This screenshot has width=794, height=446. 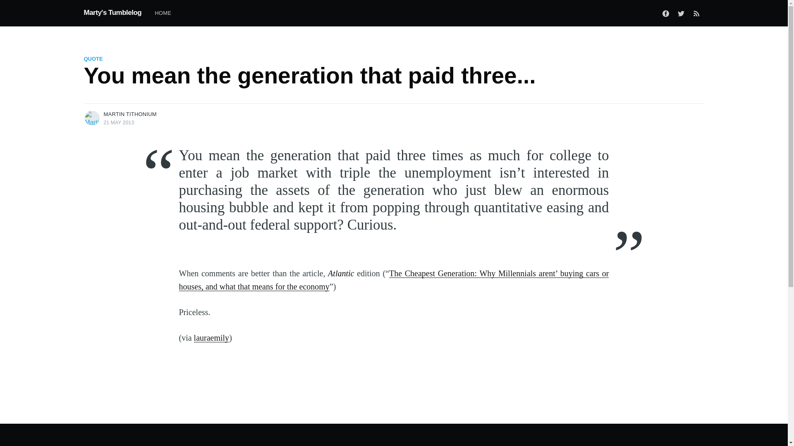 What do you see at coordinates (129, 114) in the screenshot?
I see `'MARTIN TITHONIUM'` at bounding box center [129, 114].